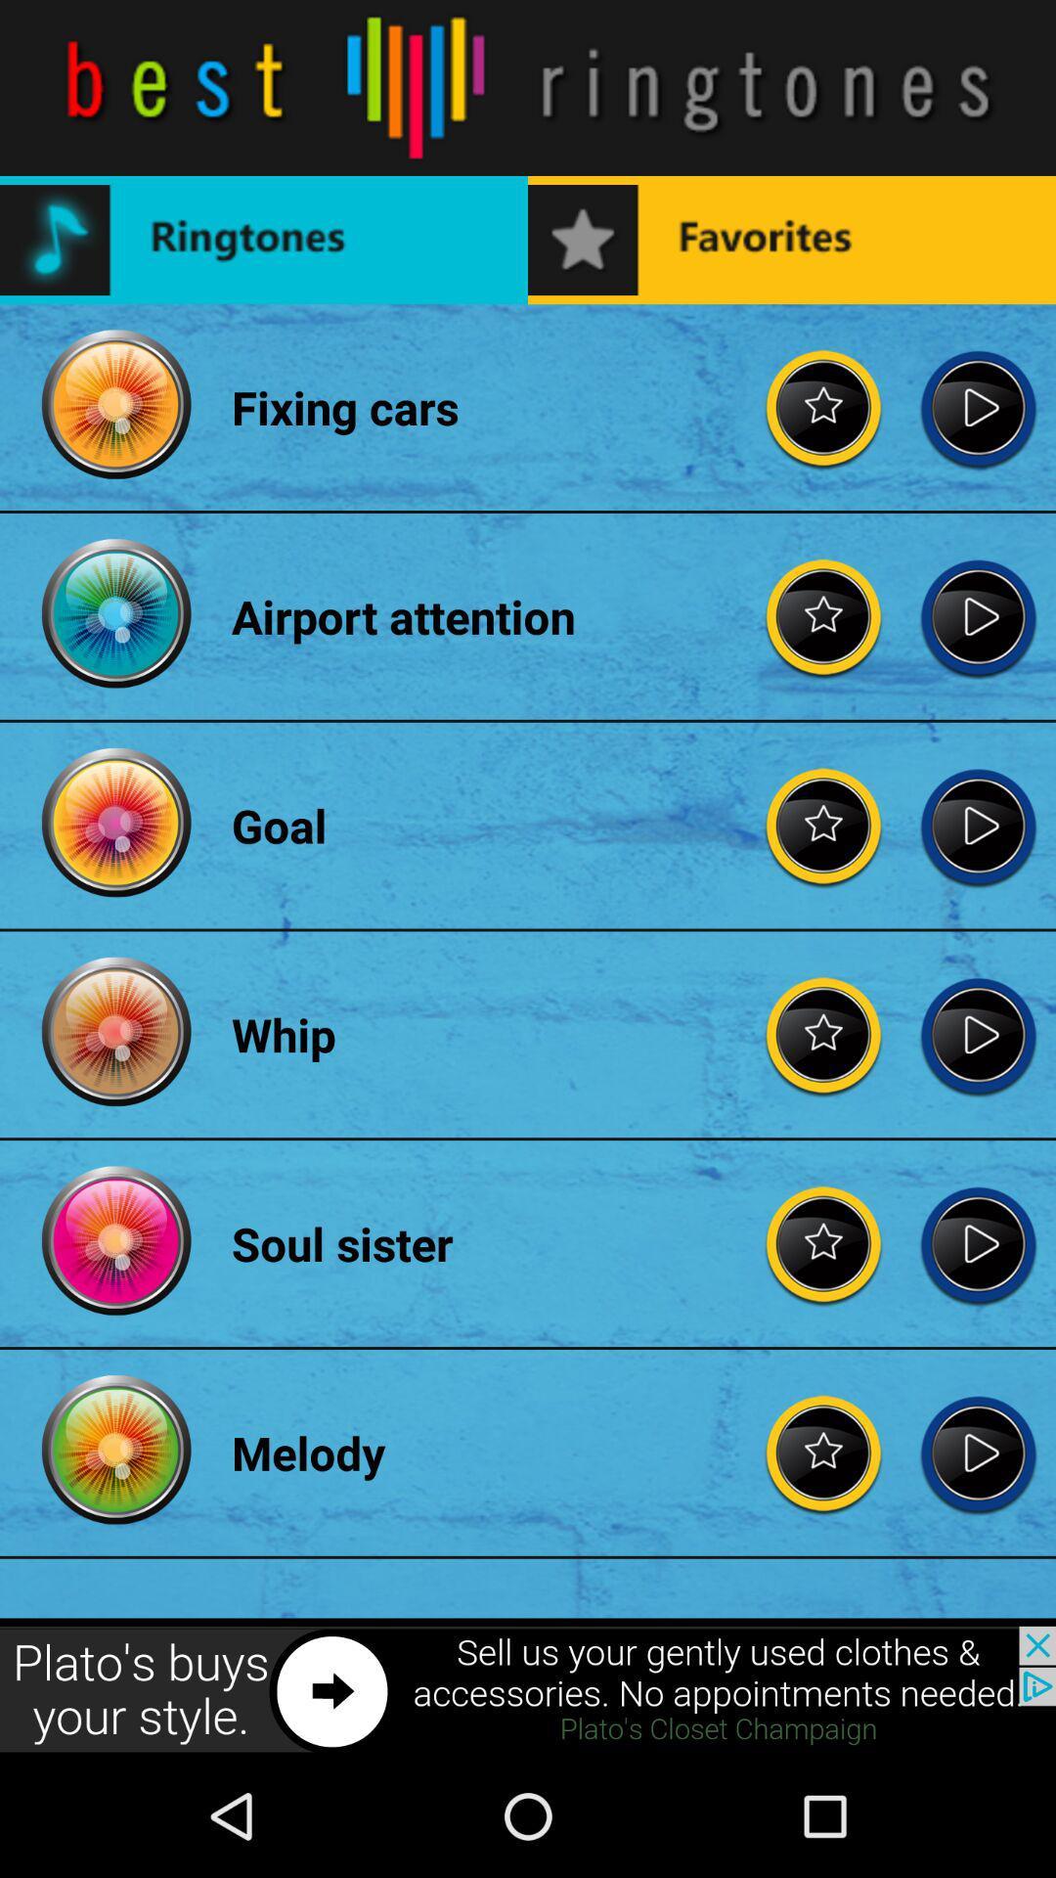  What do you see at coordinates (824, 1453) in the screenshot?
I see `to favorites` at bounding box center [824, 1453].